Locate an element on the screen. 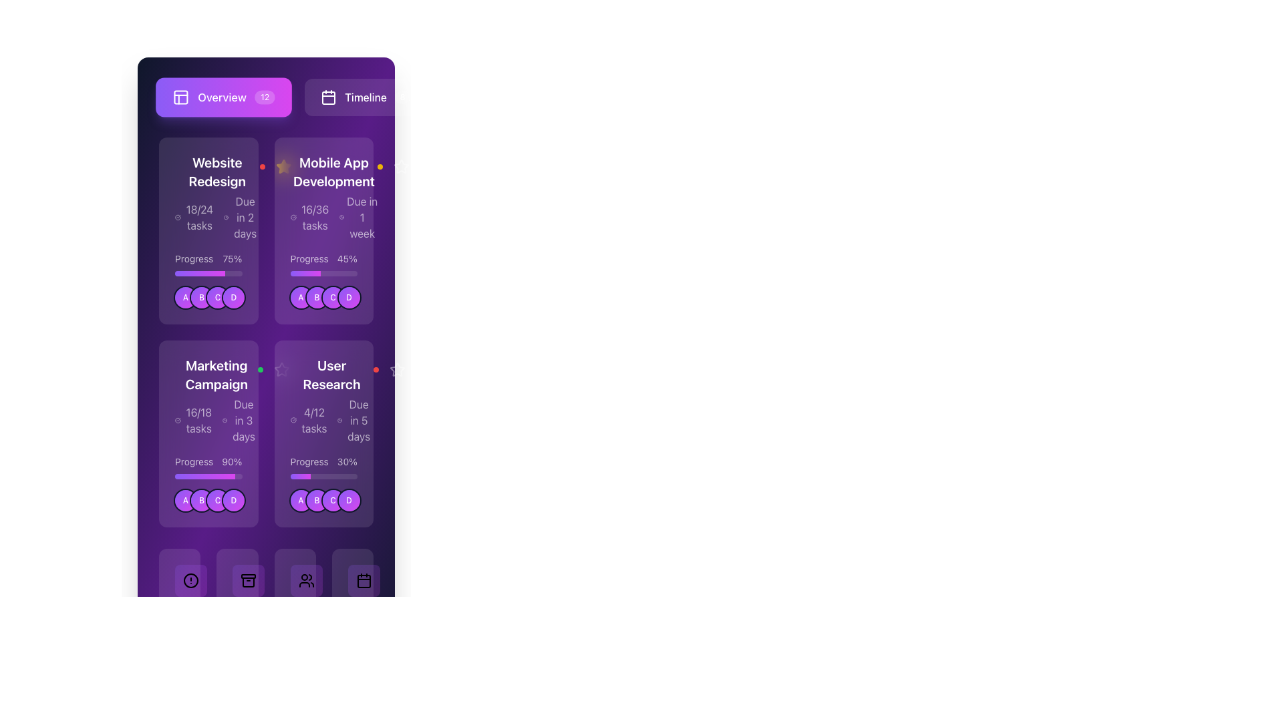 The image size is (1283, 721). the group of circular icons displaying participant initials (A, B, C, D) located at the bottom of the 'User Research' card, beneath the progress bar, if on a touchscreen is located at coordinates (323, 500).